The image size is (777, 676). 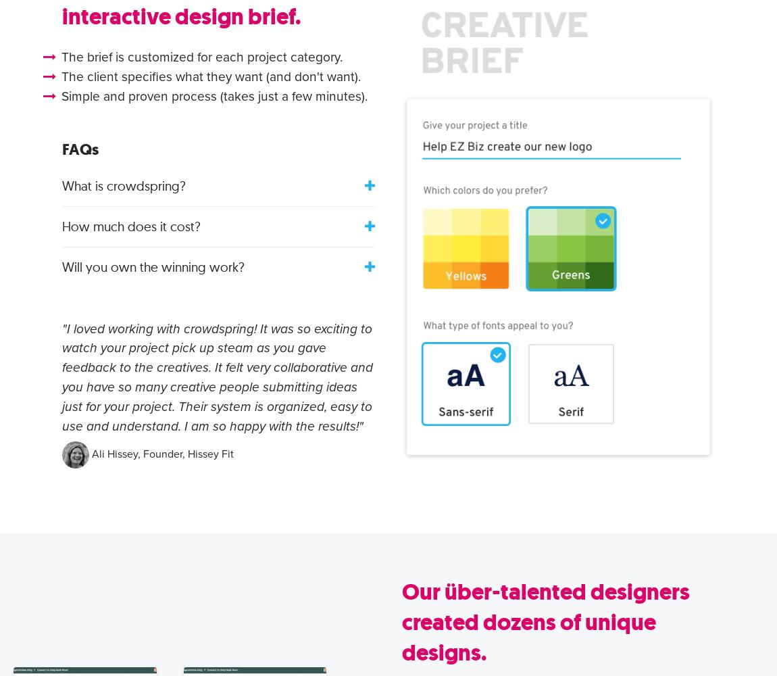 What do you see at coordinates (60, 185) in the screenshot?
I see `'What is crowdspring?'` at bounding box center [60, 185].